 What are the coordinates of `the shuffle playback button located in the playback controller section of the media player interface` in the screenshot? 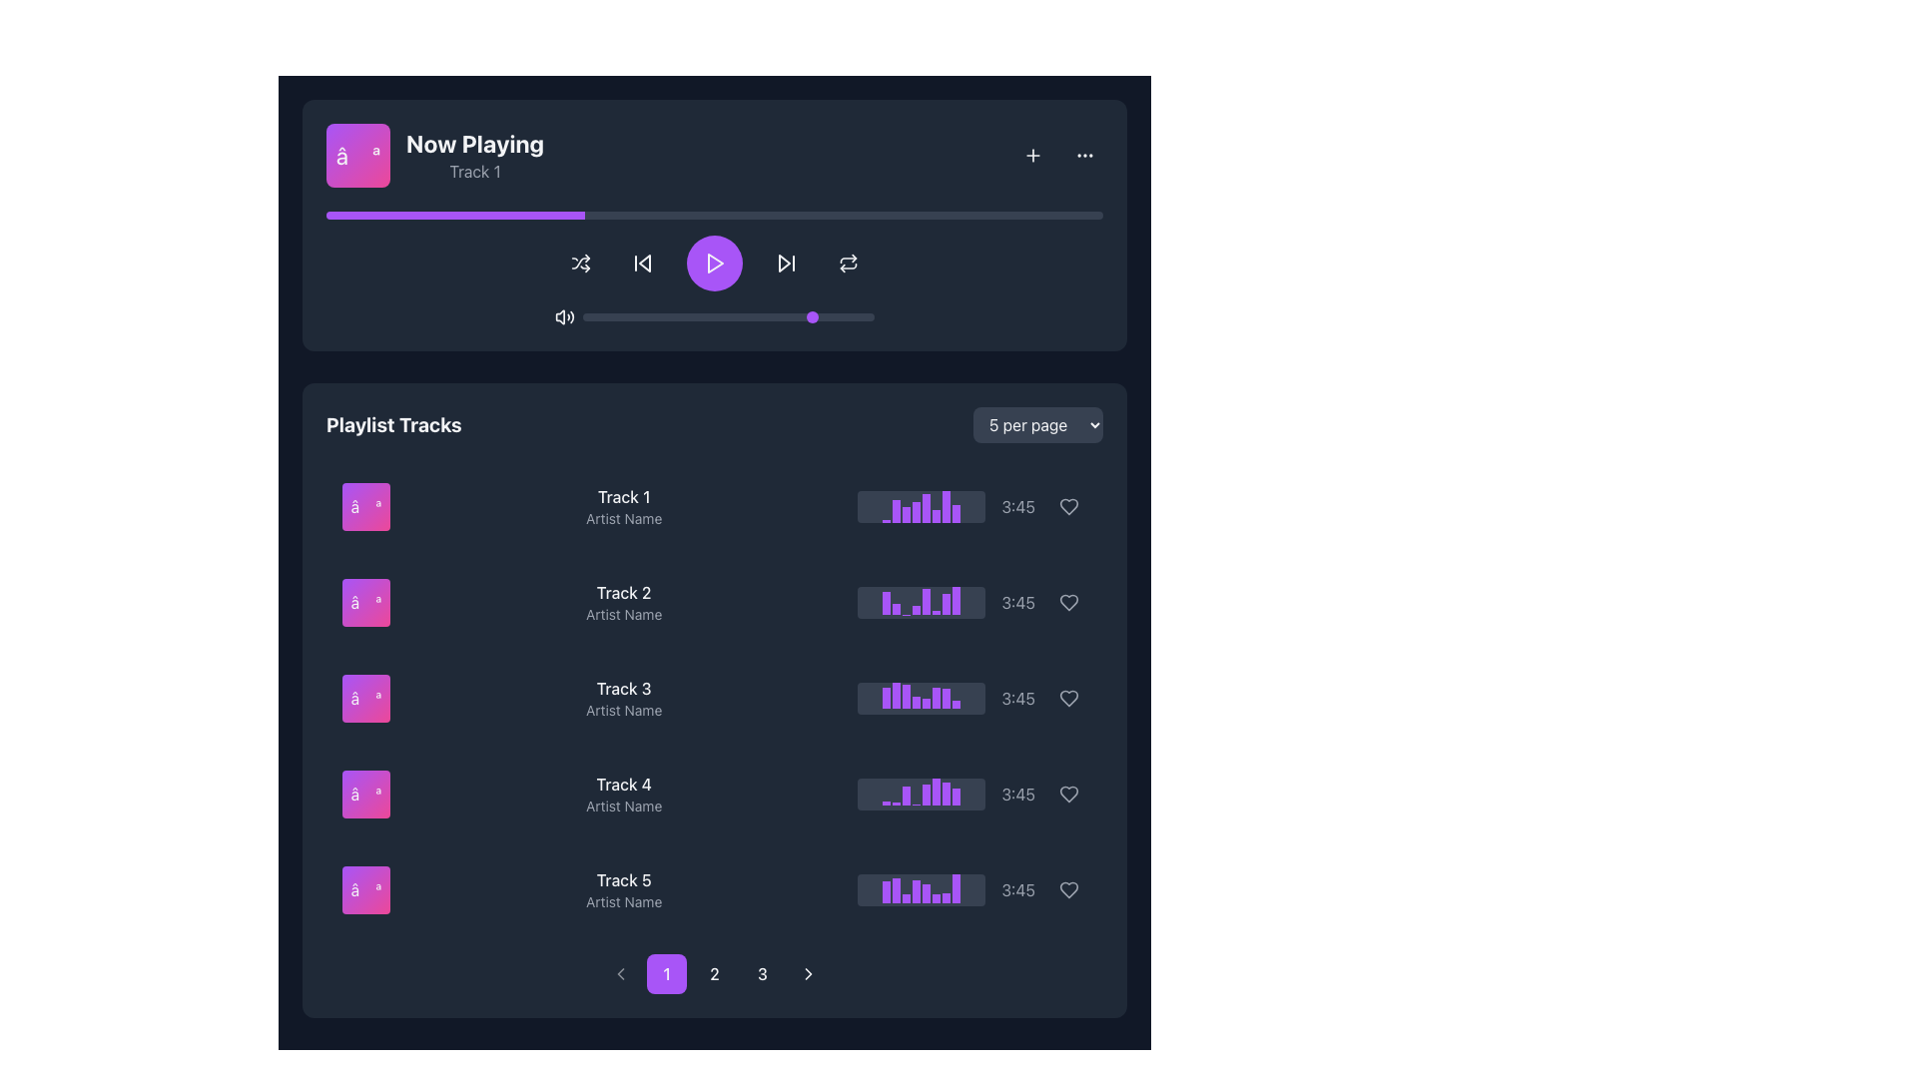 It's located at (579, 262).